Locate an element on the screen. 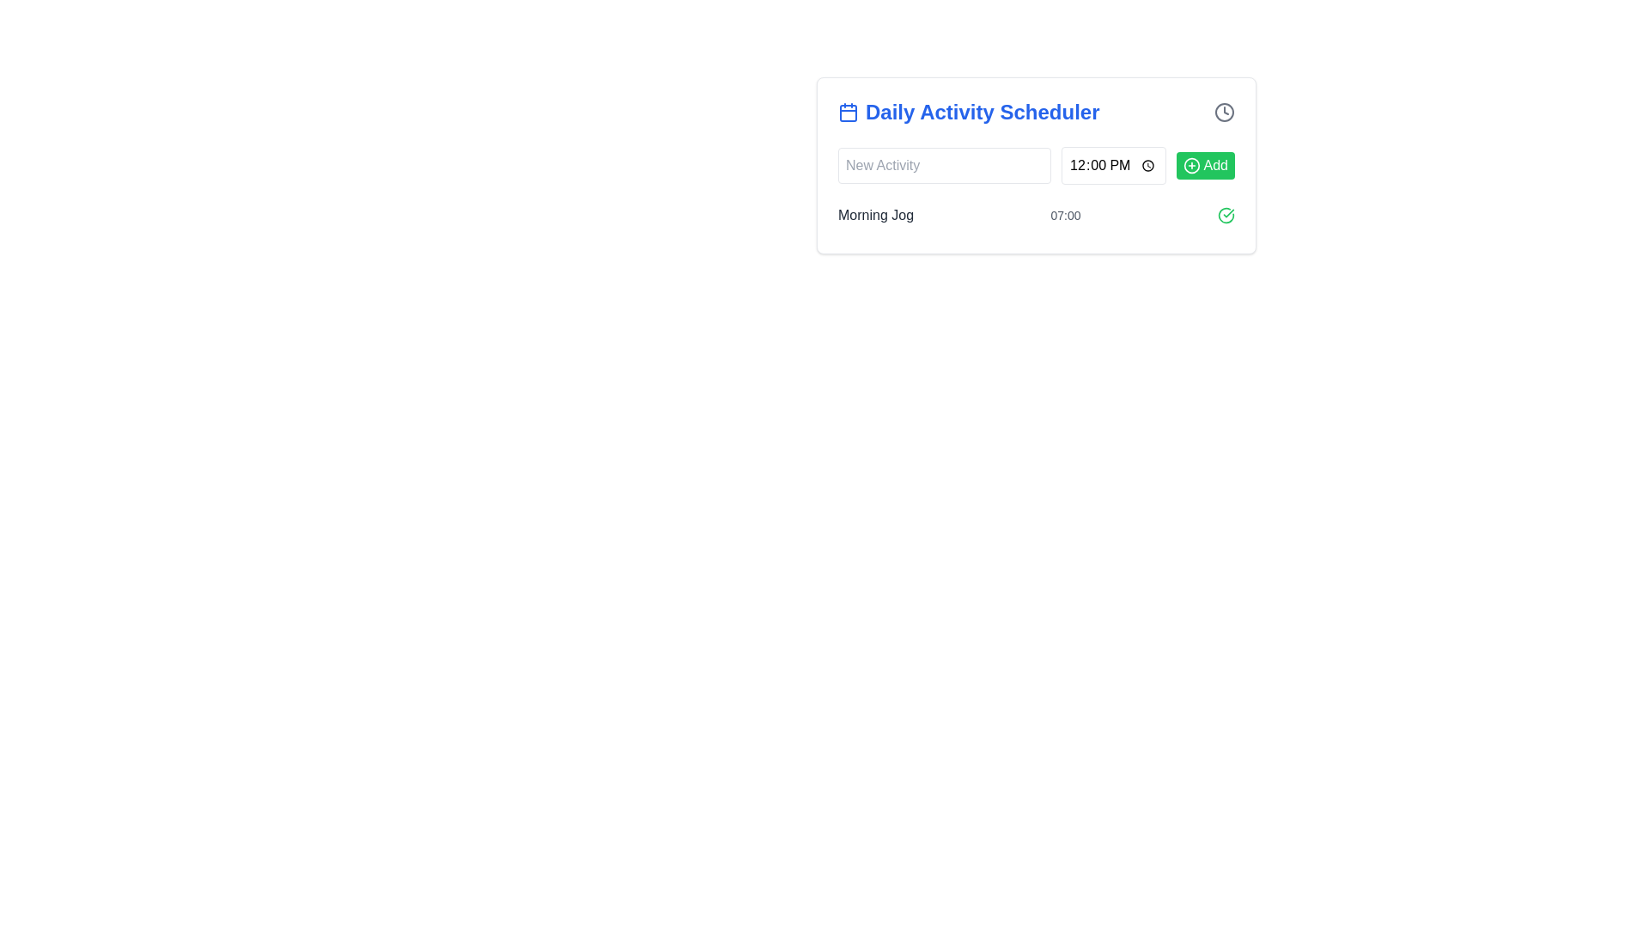  the 'Daily Activity Scheduler' icon located at the leftmost side of the header section, which serves as a visual cue for scheduling functionalities is located at coordinates (849, 113).